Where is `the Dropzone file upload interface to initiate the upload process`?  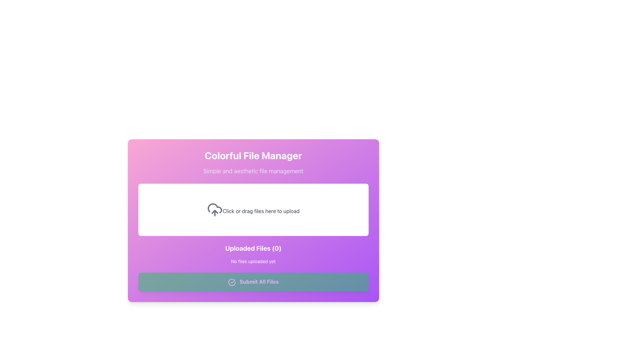 the Dropzone file upload interface to initiate the upload process is located at coordinates (253, 210).